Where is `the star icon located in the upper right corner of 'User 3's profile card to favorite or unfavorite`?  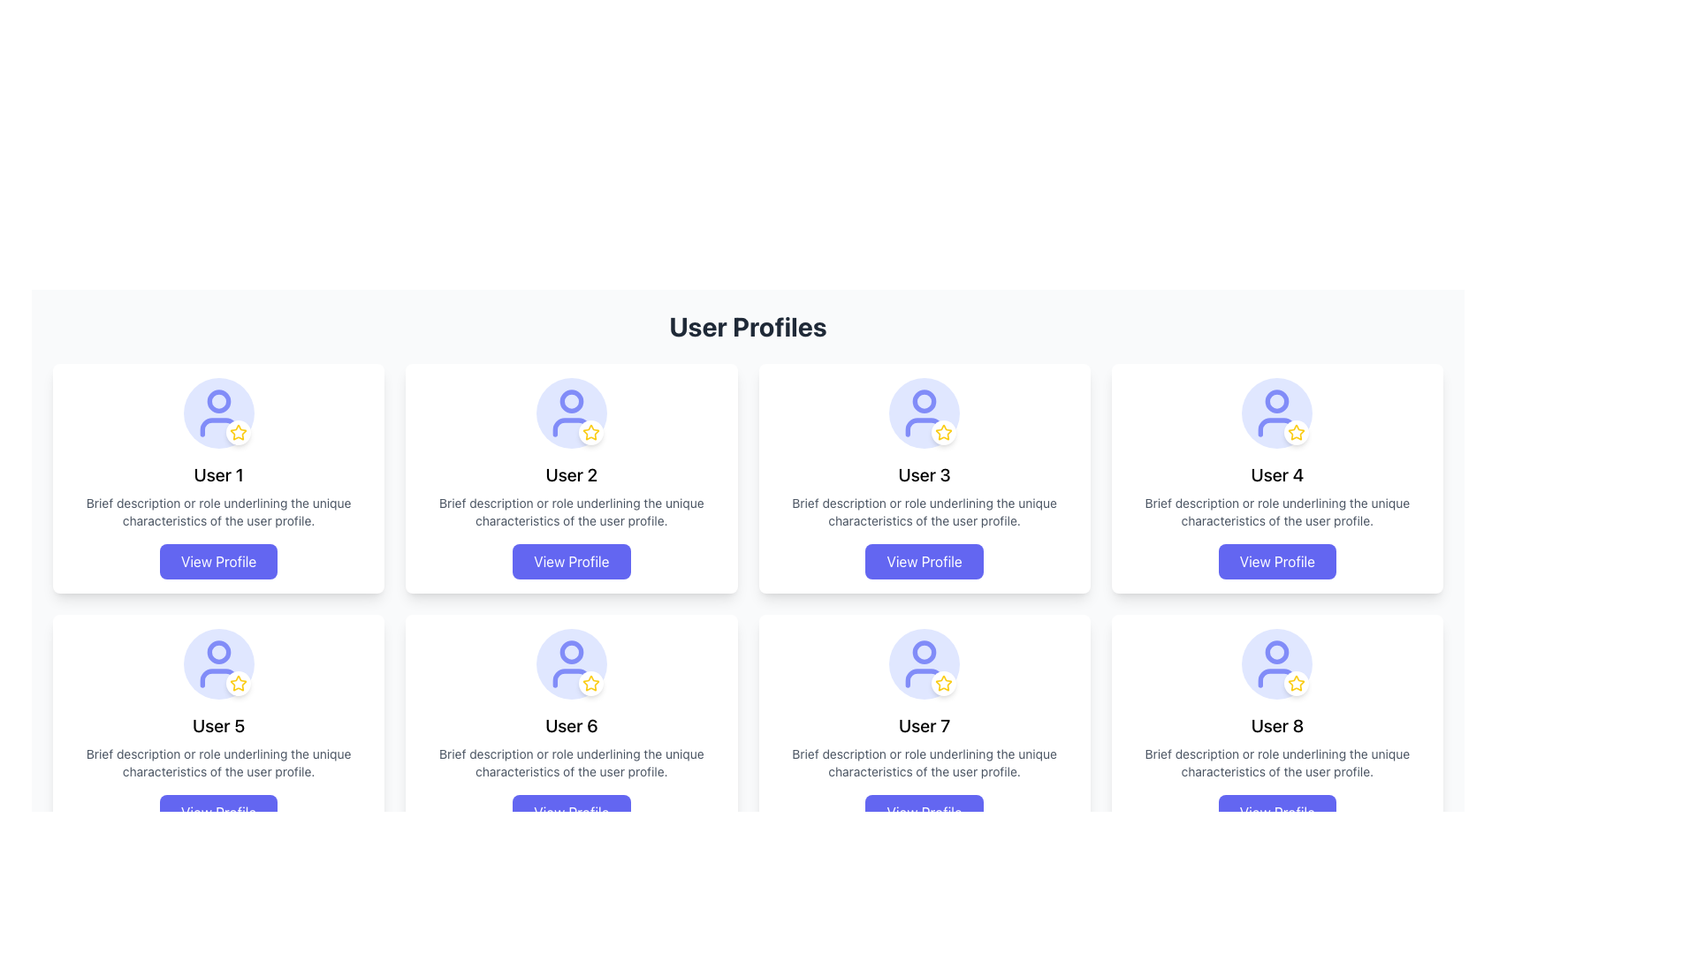 the star icon located in the upper right corner of 'User 3's profile card to favorite or unfavorite is located at coordinates (943, 432).